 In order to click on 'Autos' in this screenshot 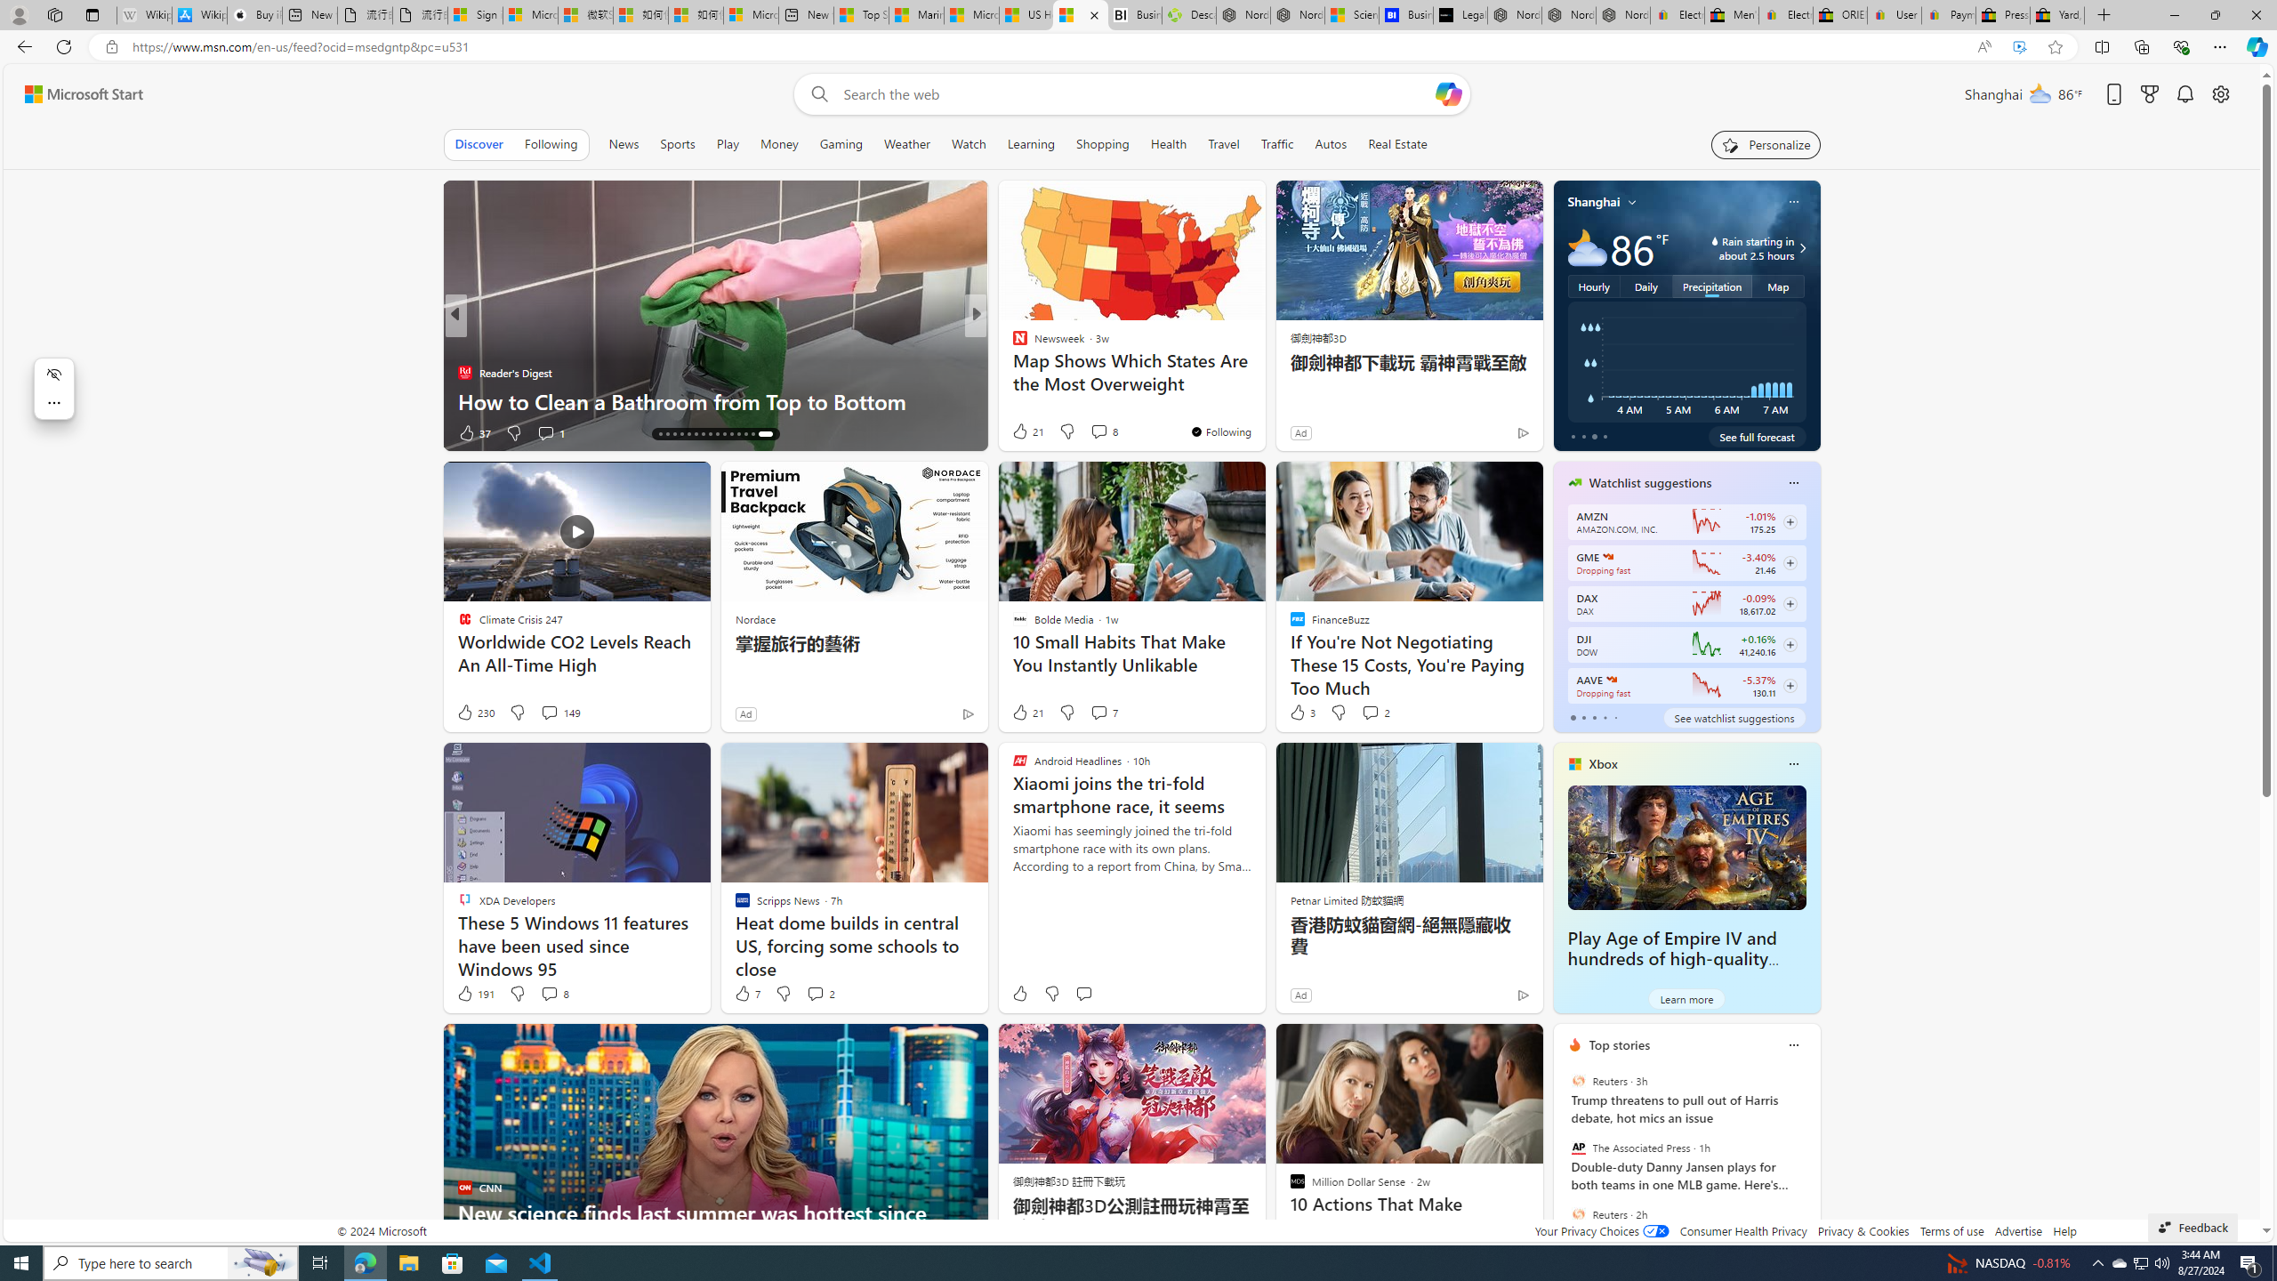, I will do `click(1331, 143)`.